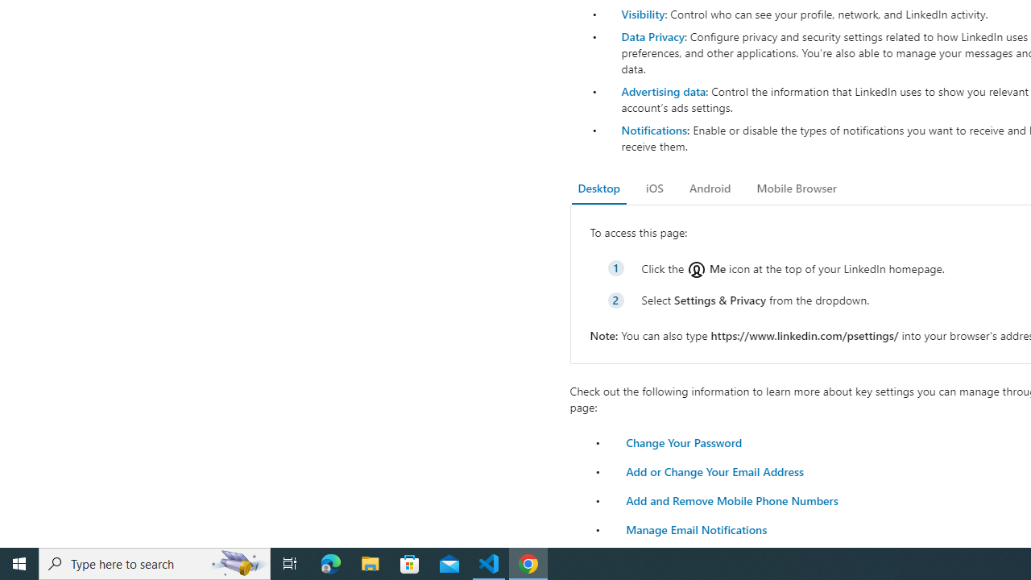 This screenshot has height=580, width=1031. Describe the element at coordinates (598, 188) in the screenshot. I see `'Desktop'` at that location.